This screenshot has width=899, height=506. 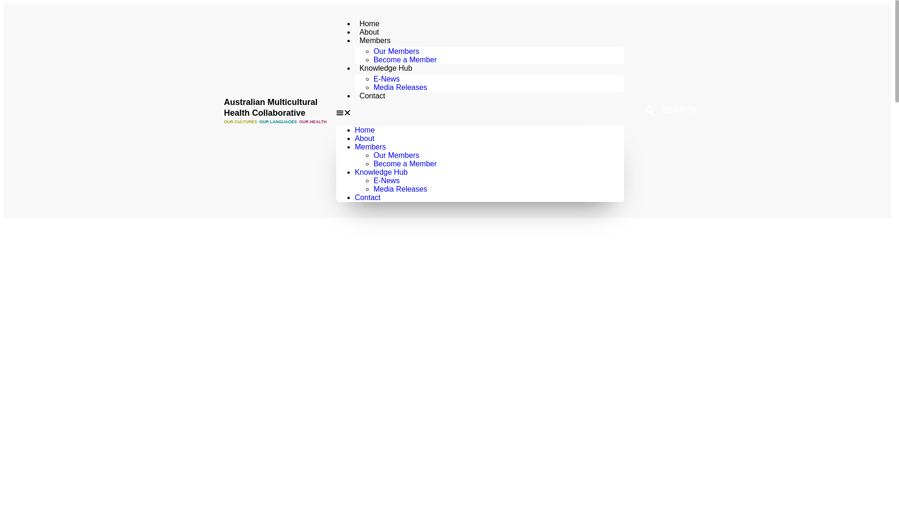 I want to click on 'Australian Multicultural Health Collaborative', so click(x=270, y=107).